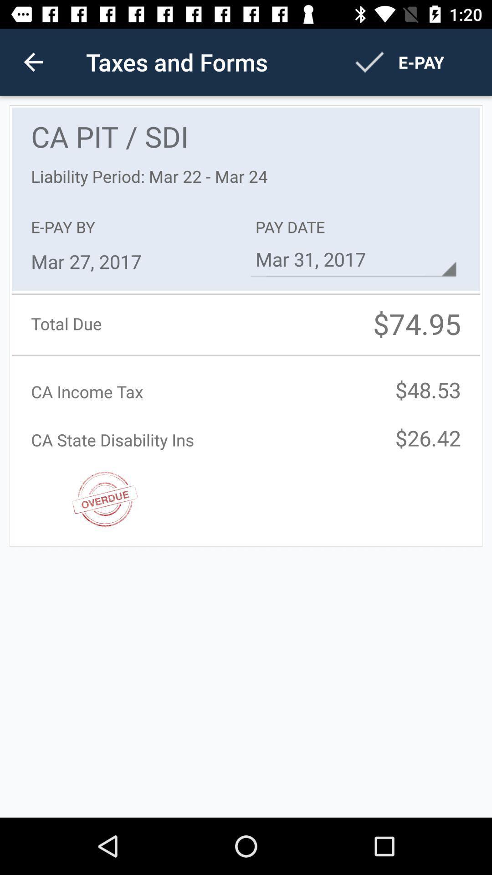 The image size is (492, 875). I want to click on item above the ca pit / sdi item, so click(33, 62).